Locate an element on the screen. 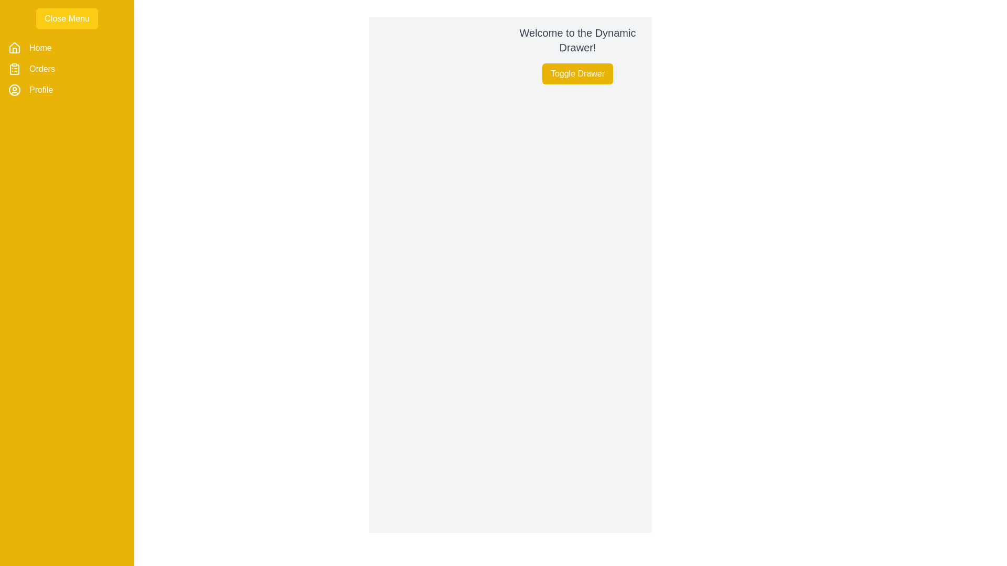 This screenshot has height=566, width=1007. the menu item Home to navigate is located at coordinates (40, 48).